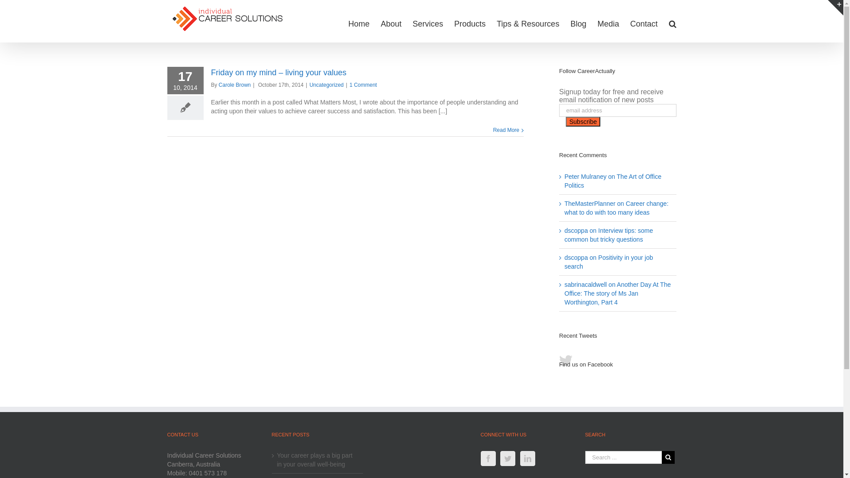 Image resolution: width=850 pixels, height=478 pixels. Describe the element at coordinates (390, 23) in the screenshot. I see `'About'` at that location.